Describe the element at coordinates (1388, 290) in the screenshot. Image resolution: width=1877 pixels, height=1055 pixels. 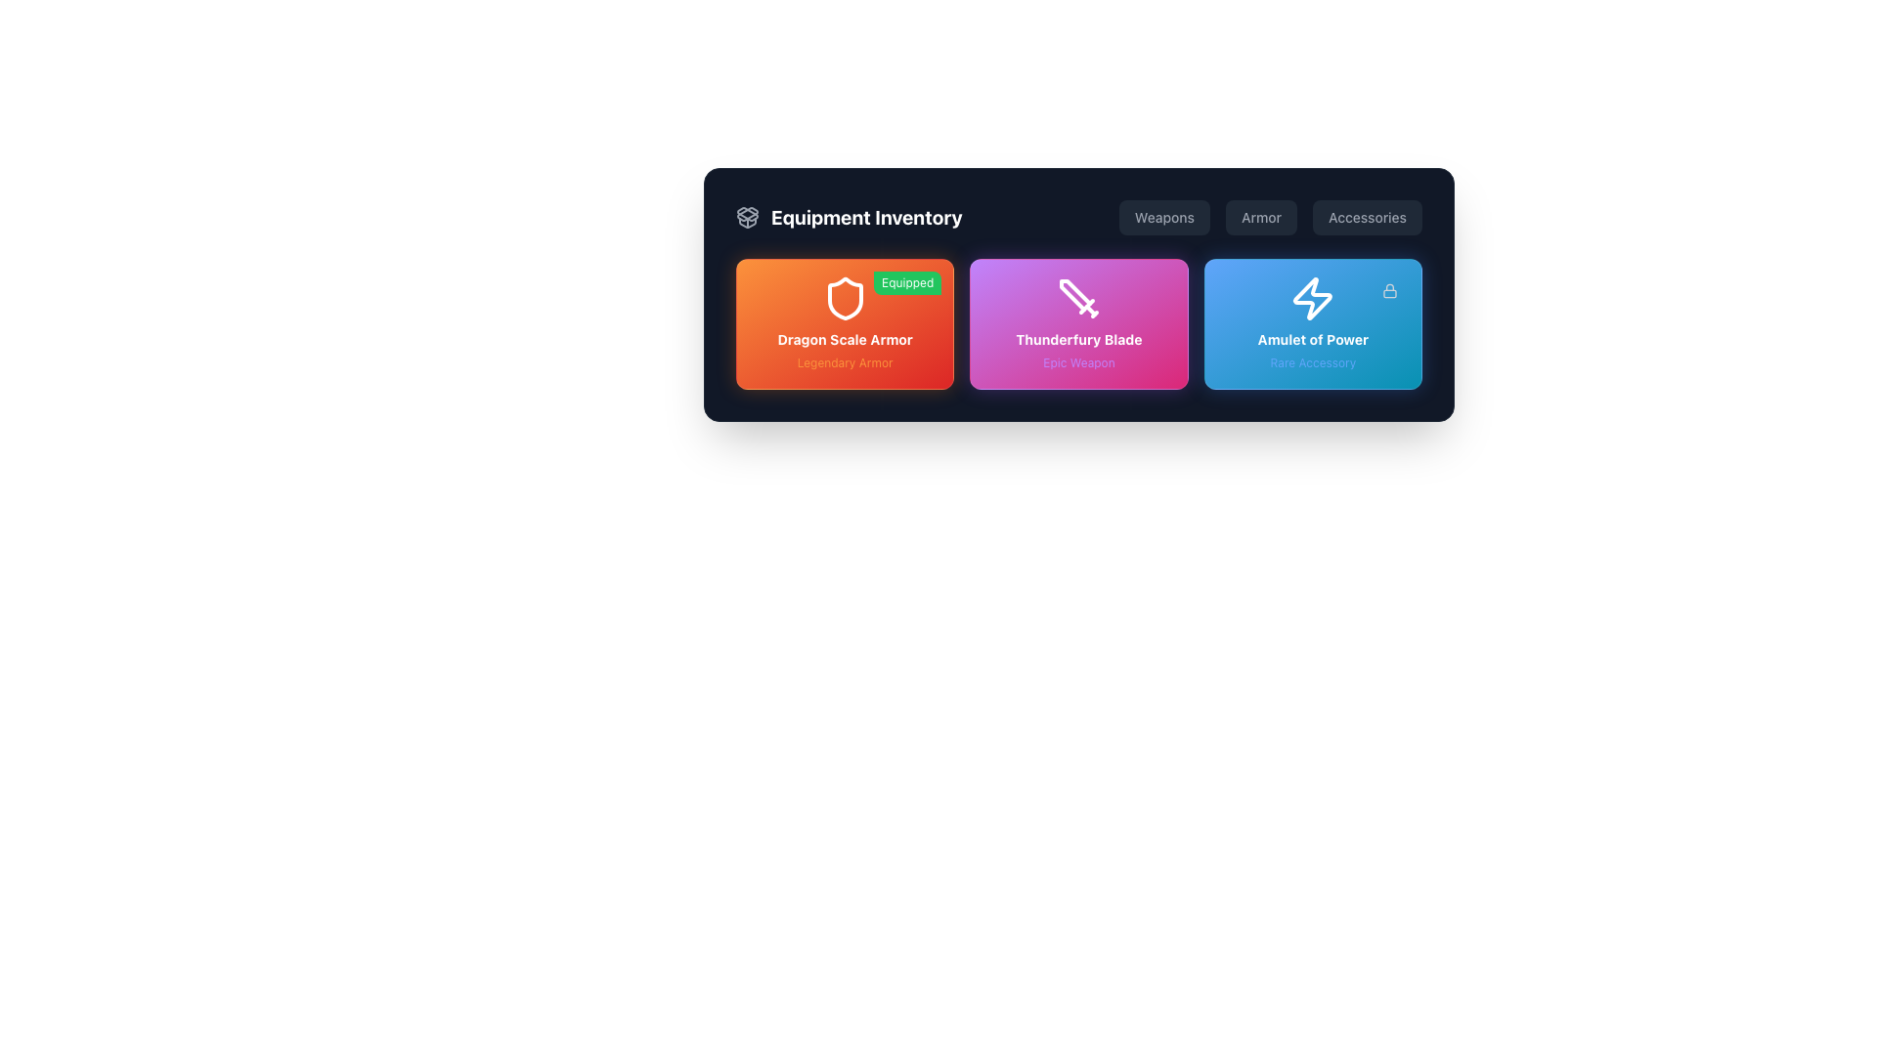
I see `the padlock icon with a blue background located in the top-right corner of the 'Amulet of Power' card` at that location.